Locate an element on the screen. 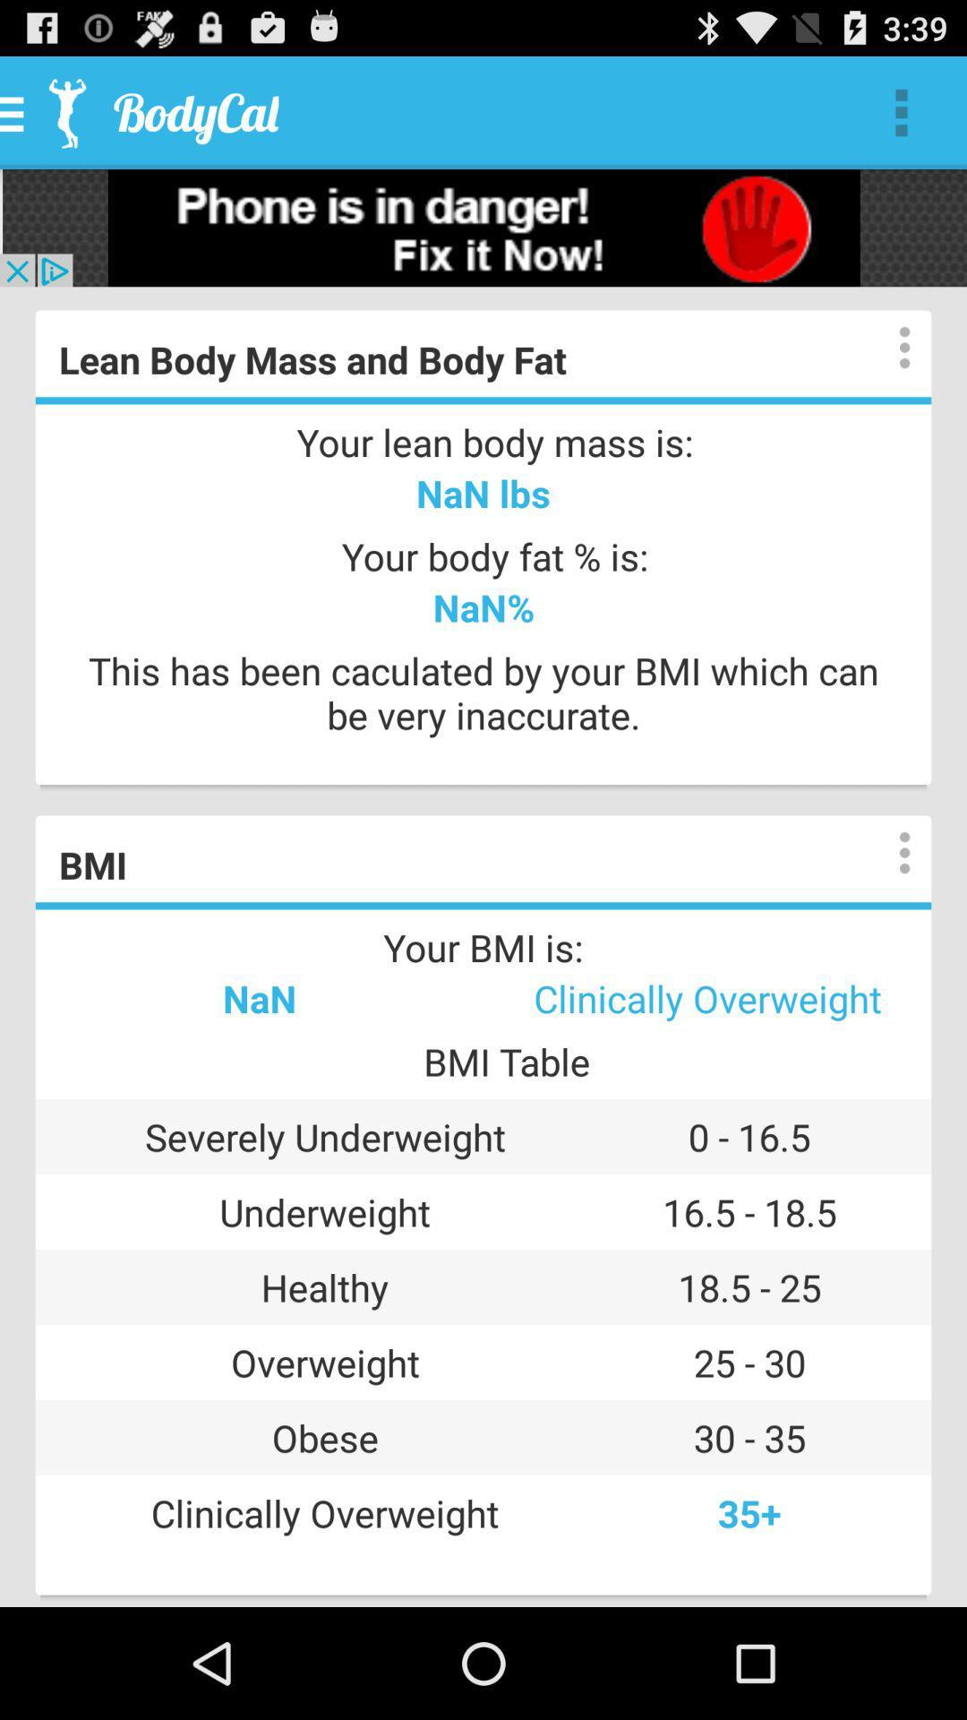  show options is located at coordinates (886, 348).